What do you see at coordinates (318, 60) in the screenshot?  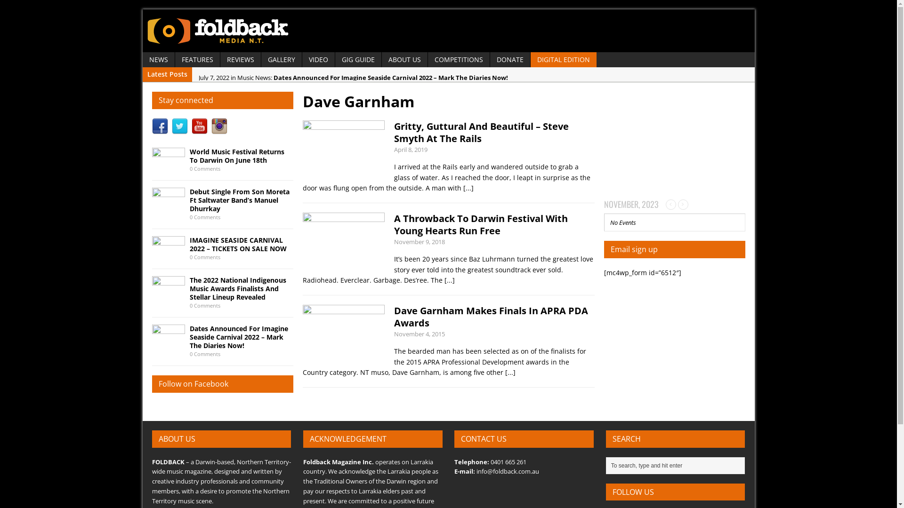 I see `'VIDEO'` at bounding box center [318, 60].